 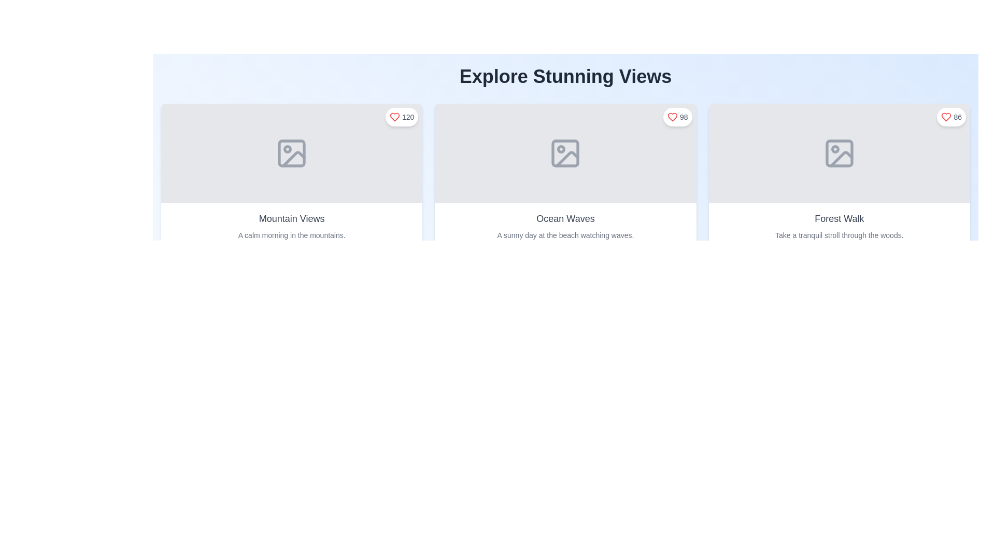 What do you see at coordinates (288, 149) in the screenshot?
I see `the small circular shape within the SVG element that represents an image placeholder in the first card of the layout` at bounding box center [288, 149].